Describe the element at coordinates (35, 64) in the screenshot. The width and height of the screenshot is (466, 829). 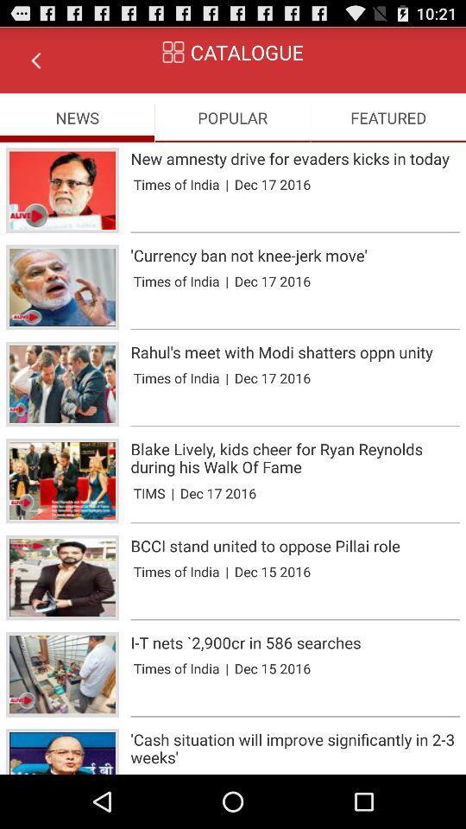
I see `the arrow_backward icon` at that location.